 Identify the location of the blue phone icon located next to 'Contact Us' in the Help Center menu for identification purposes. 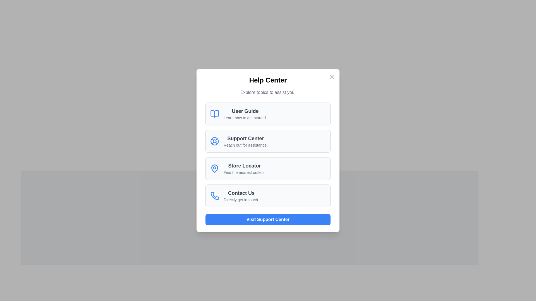
(214, 195).